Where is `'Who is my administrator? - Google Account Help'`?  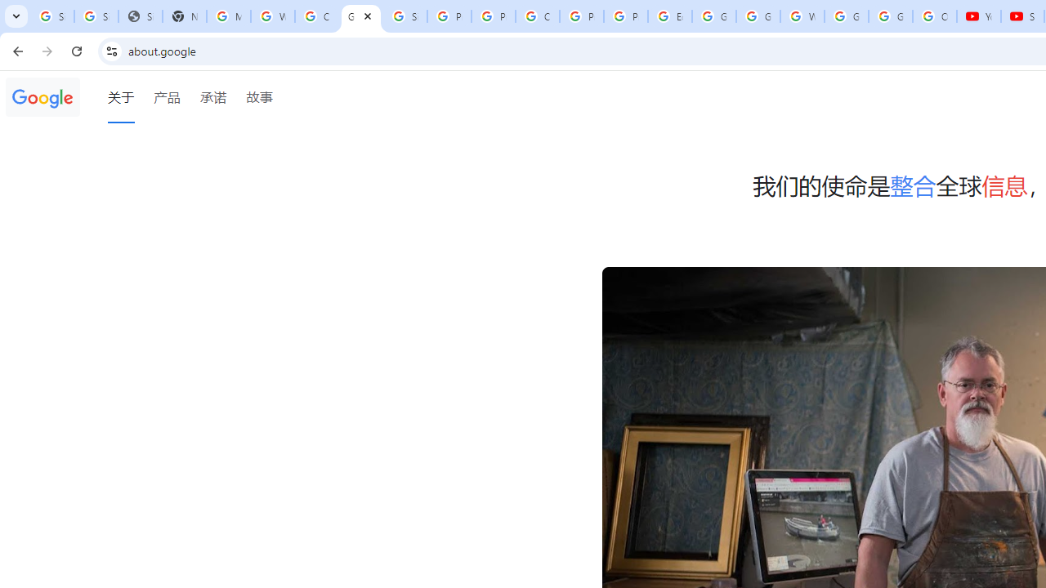
'Who is my administrator? - Google Account Help' is located at coordinates (273, 16).